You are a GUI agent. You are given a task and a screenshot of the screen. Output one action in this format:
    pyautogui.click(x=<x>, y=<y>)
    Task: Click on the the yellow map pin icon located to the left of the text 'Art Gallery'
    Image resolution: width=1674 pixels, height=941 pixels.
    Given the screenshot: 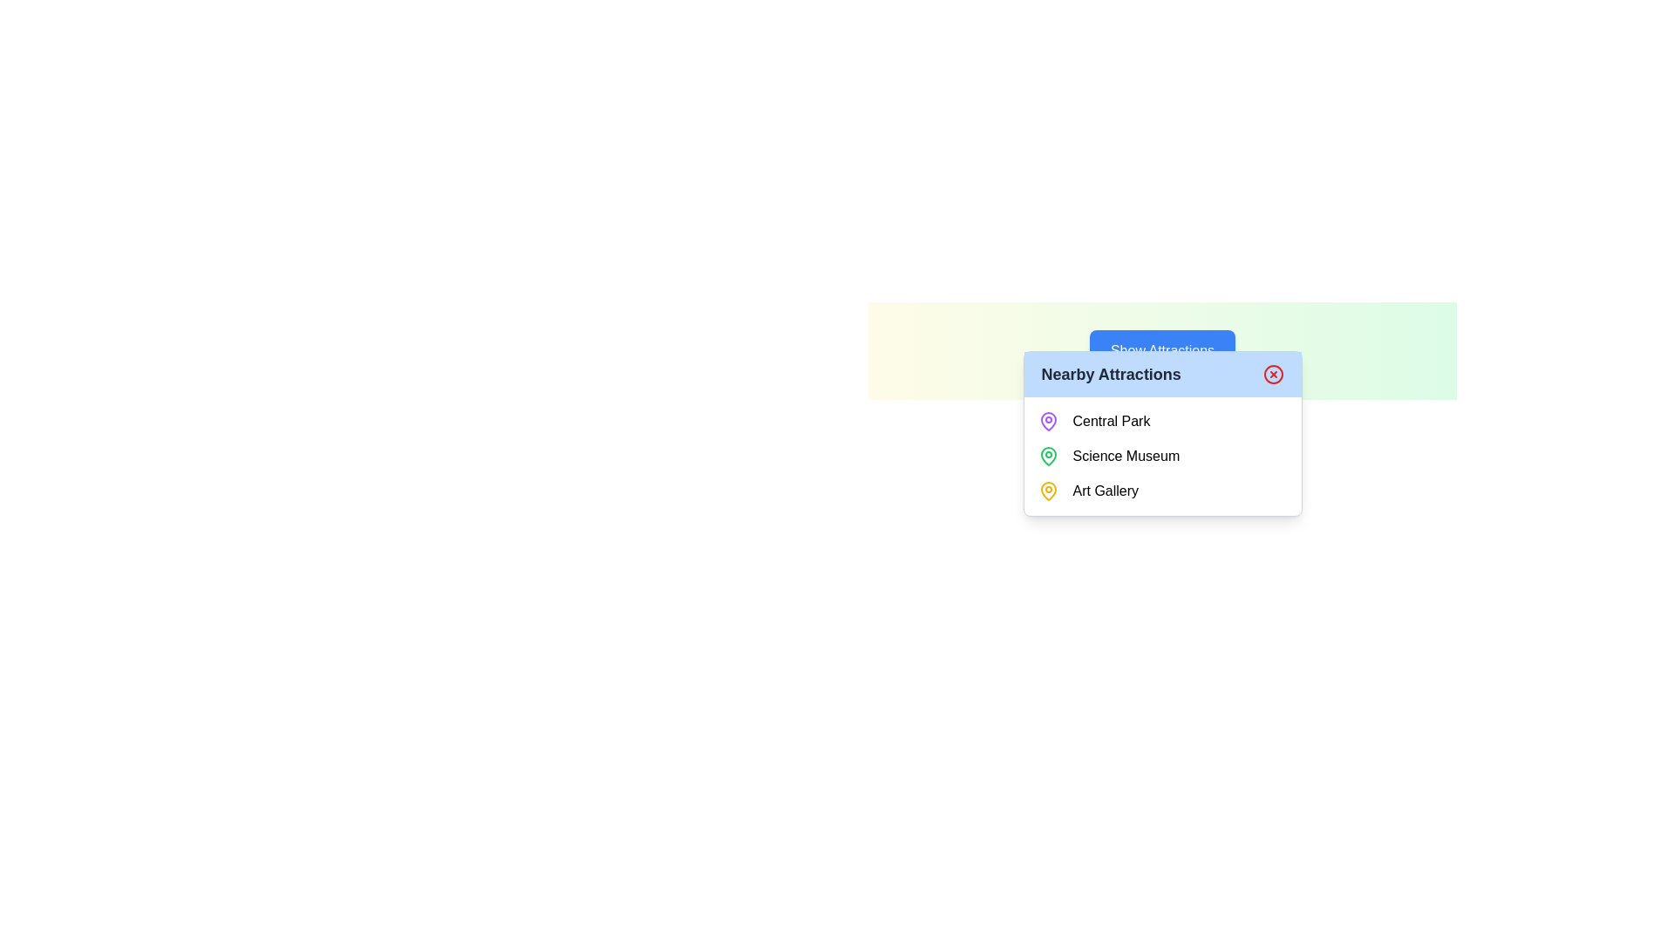 What is the action you would take?
    pyautogui.click(x=1047, y=491)
    